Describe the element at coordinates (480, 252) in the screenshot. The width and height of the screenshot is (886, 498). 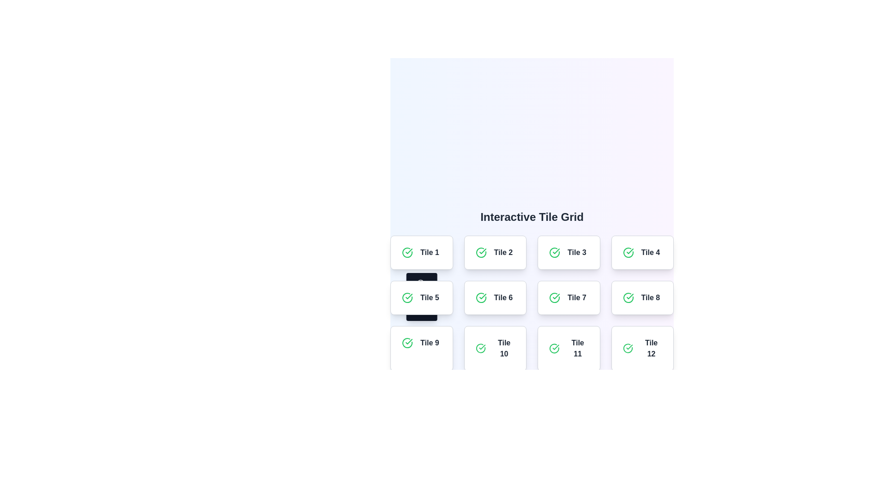
I see `the green circle icon with a checkmark inside, located in the tile labeled 'Tile 2' in the top row of the grid layout` at that location.